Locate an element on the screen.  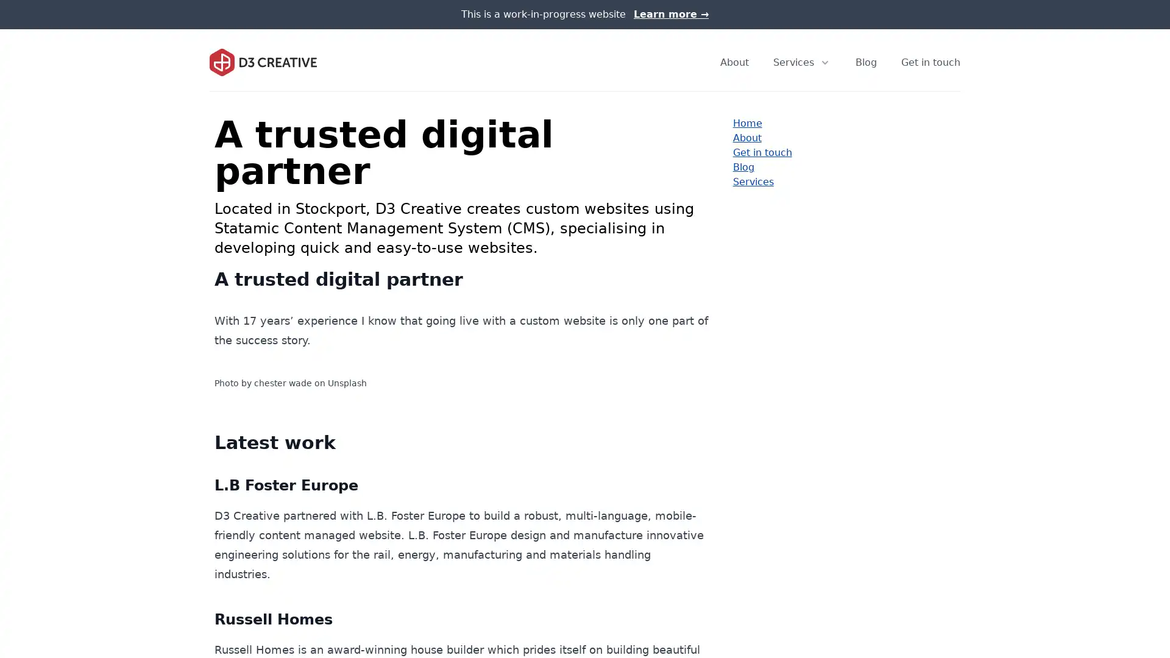
Services is located at coordinates (802, 62).